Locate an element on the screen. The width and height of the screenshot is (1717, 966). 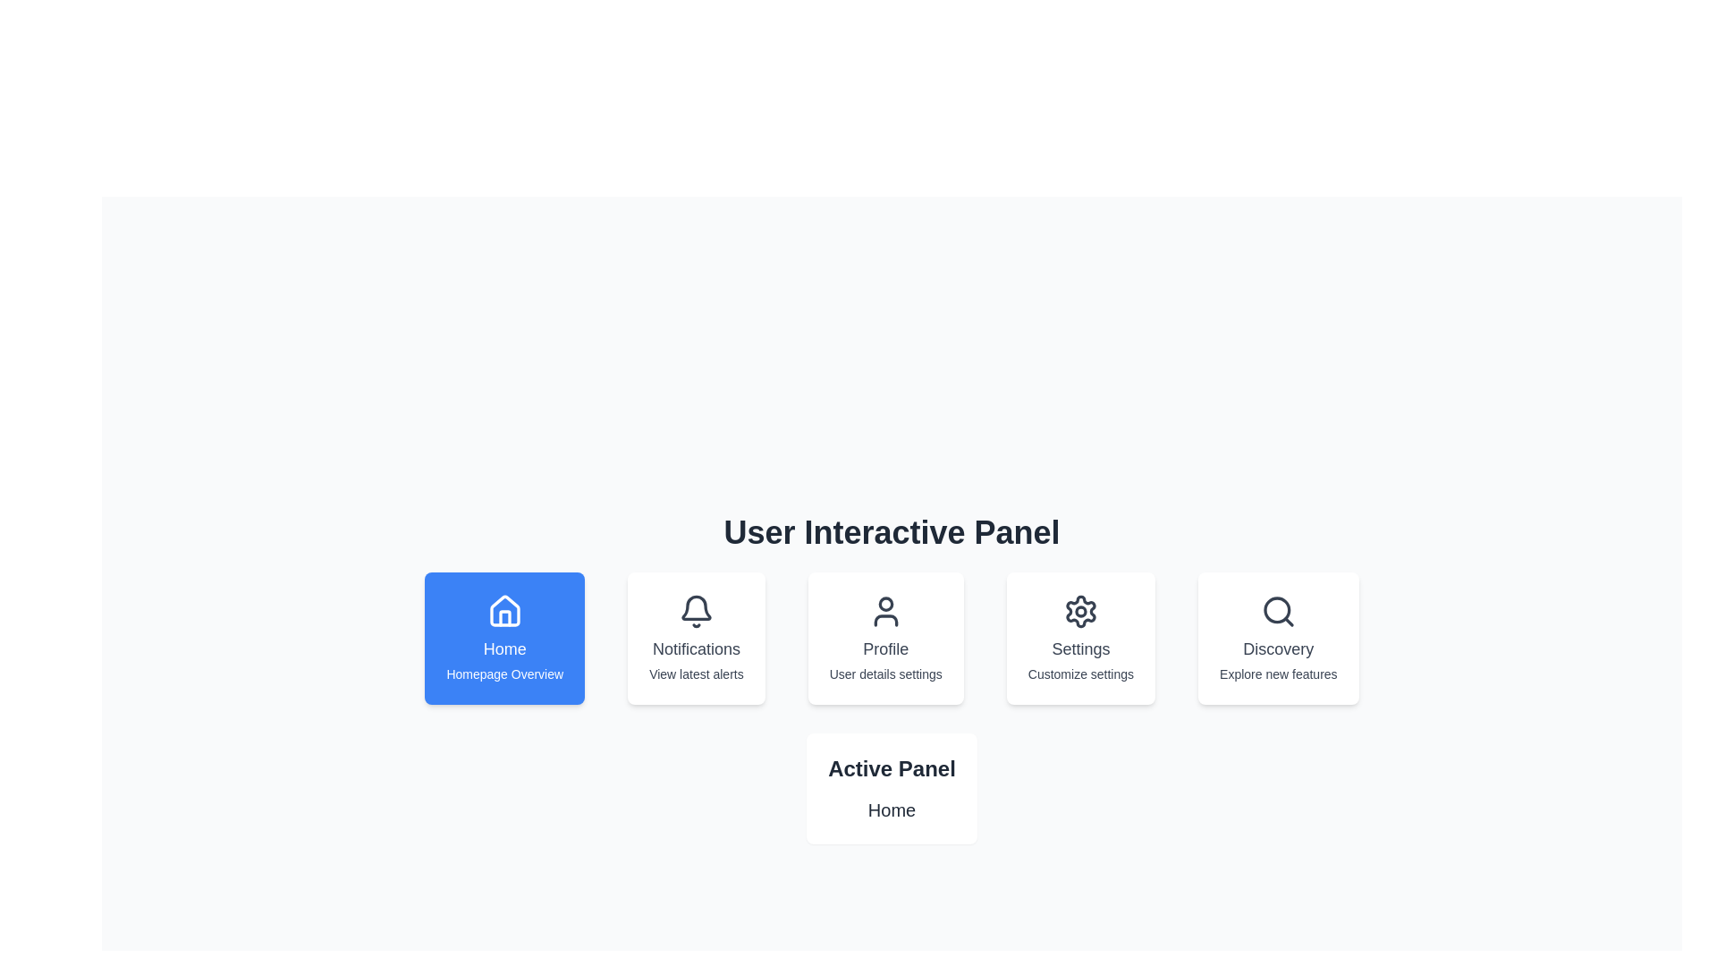
the user silhouette icon located at the top of the 'Profile' card is located at coordinates (885, 610).